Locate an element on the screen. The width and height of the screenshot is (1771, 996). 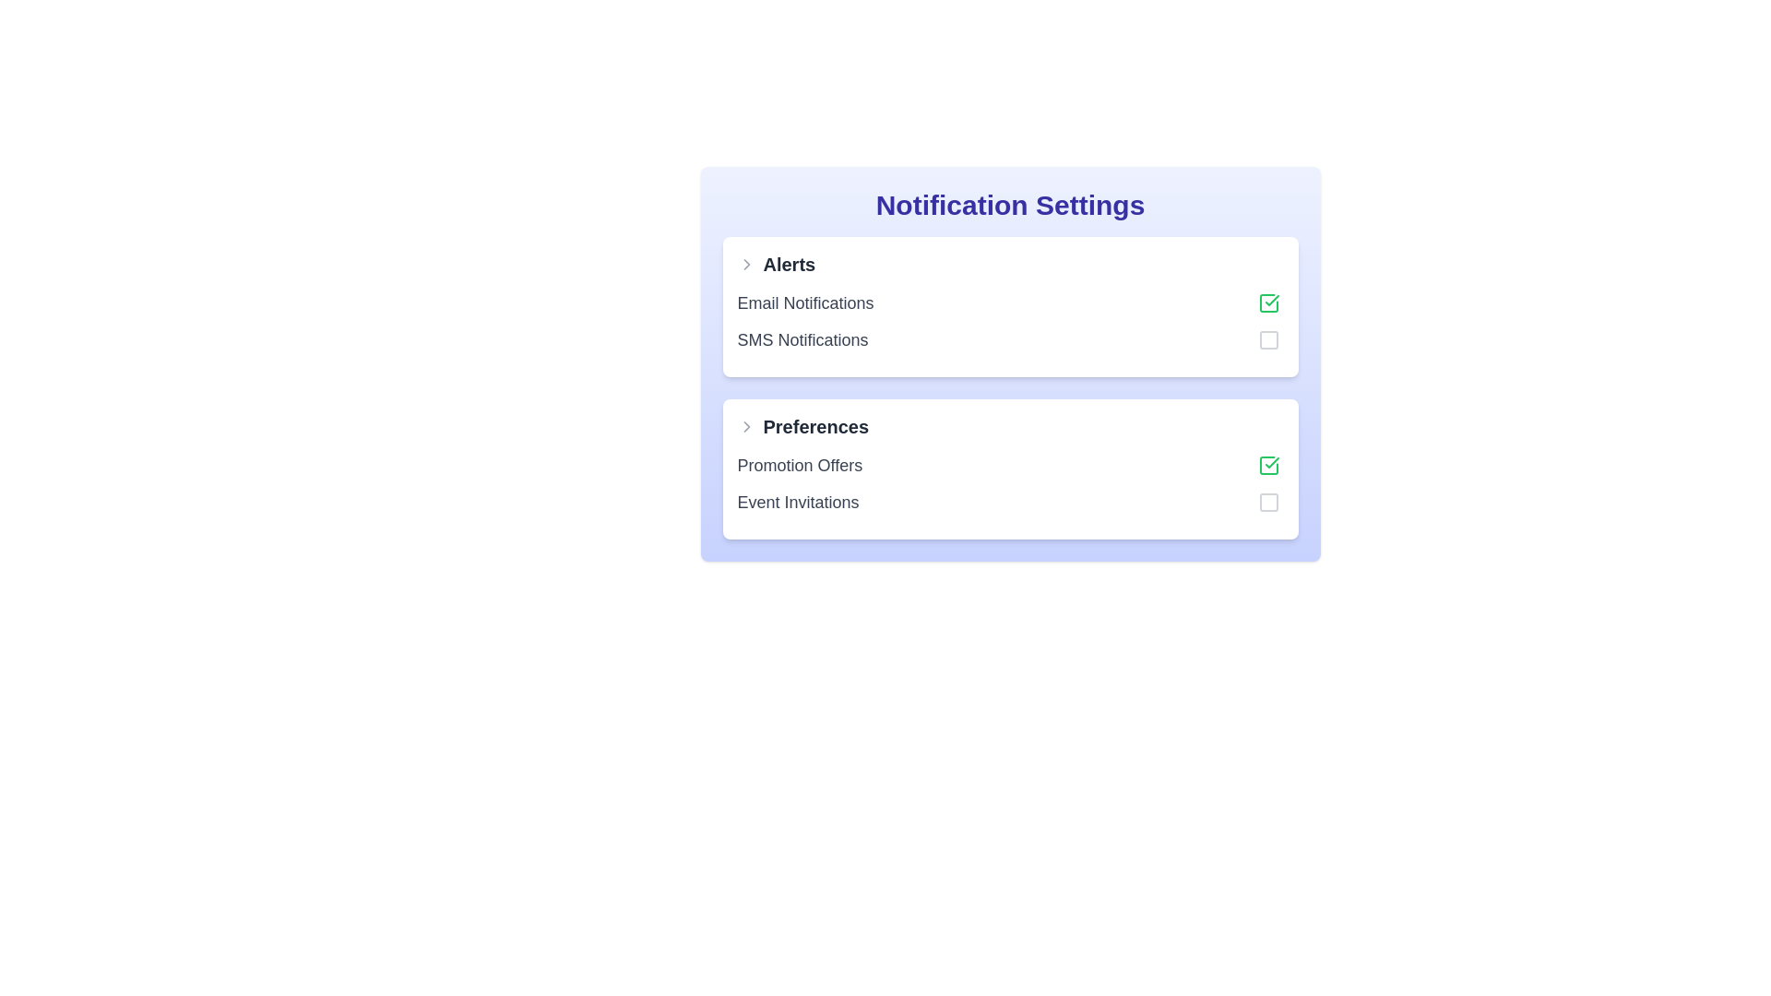
the checkboxes within the 'Preferences' section is located at coordinates (1009, 468).